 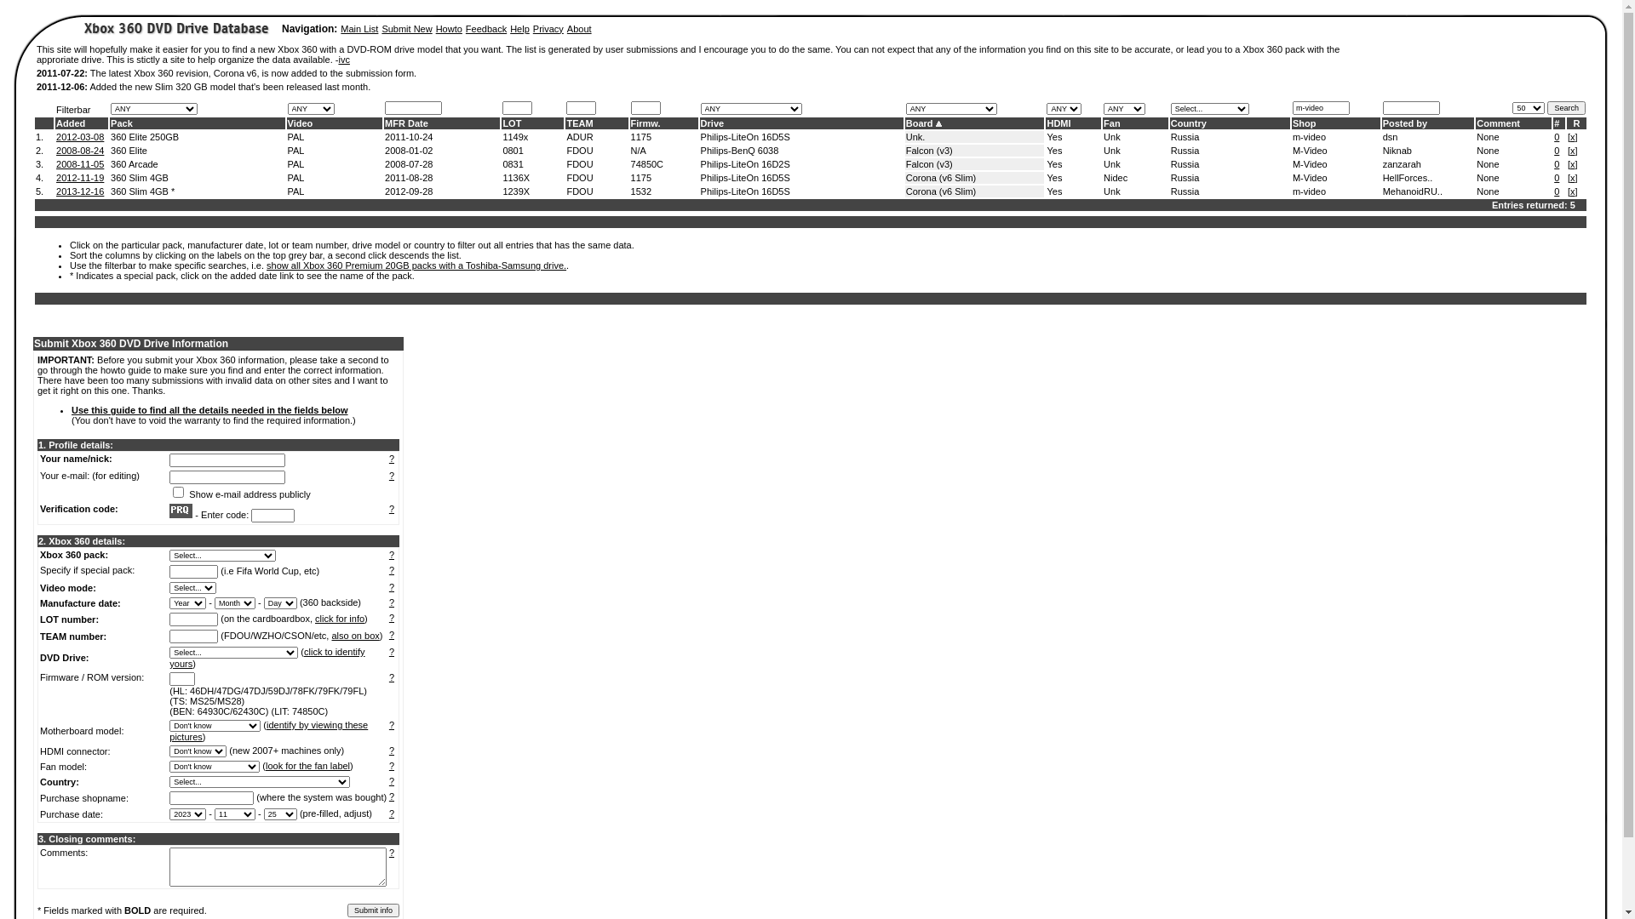 What do you see at coordinates (301, 123) in the screenshot?
I see `'Video'` at bounding box center [301, 123].